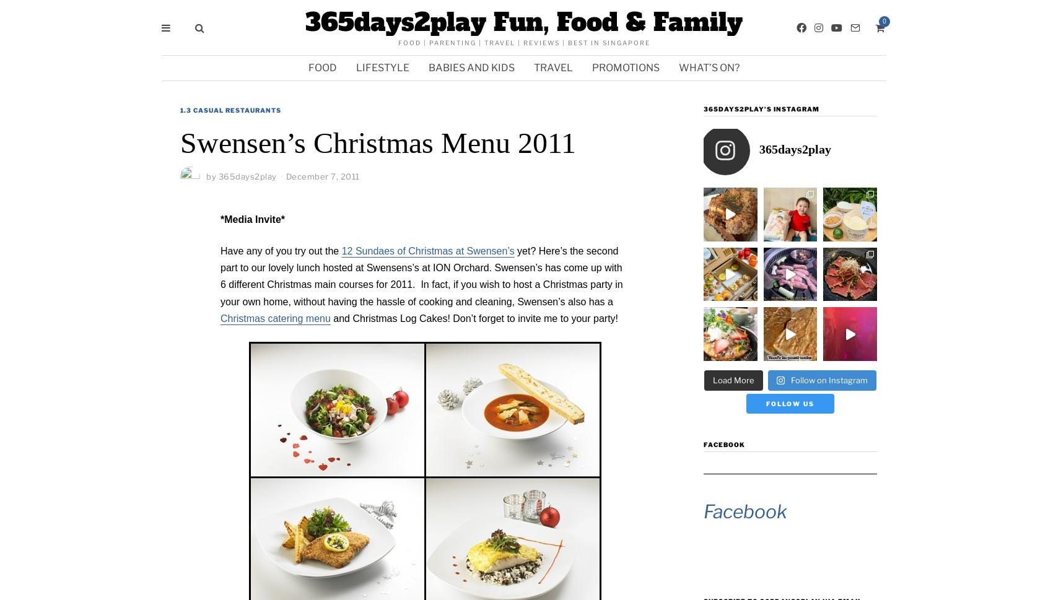  What do you see at coordinates (180, 142) in the screenshot?
I see `'Swensen’s Christmas Menu 2011'` at bounding box center [180, 142].